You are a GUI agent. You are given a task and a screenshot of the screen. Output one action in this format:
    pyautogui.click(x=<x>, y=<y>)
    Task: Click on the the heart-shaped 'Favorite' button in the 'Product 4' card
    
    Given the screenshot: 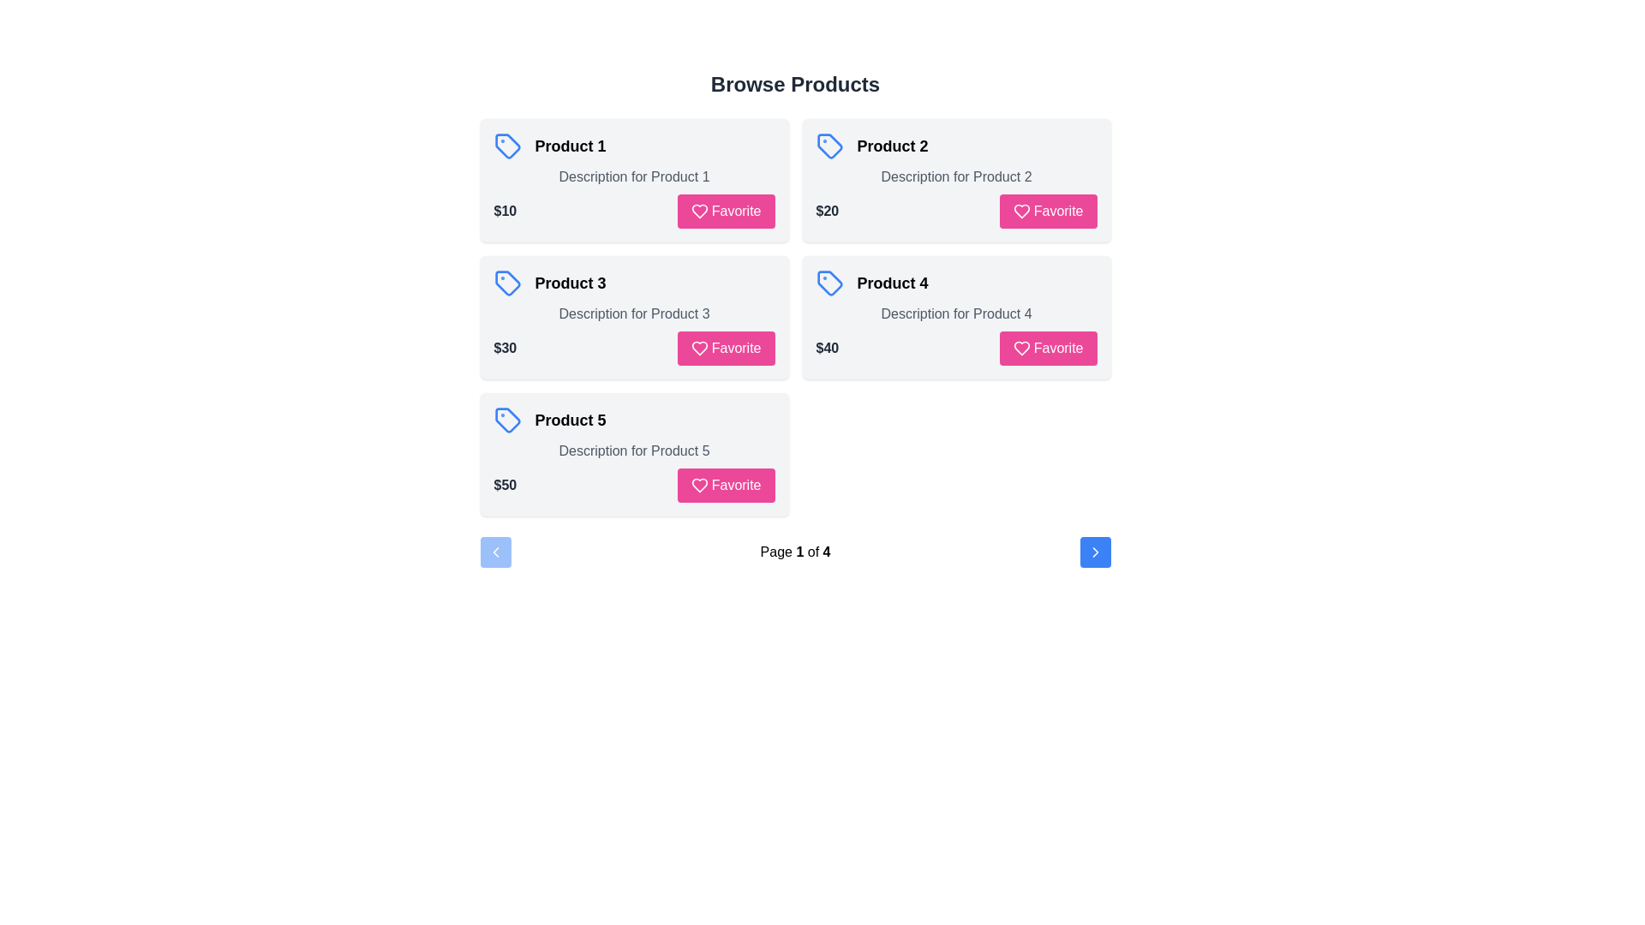 What is the action you would take?
    pyautogui.click(x=1021, y=348)
    